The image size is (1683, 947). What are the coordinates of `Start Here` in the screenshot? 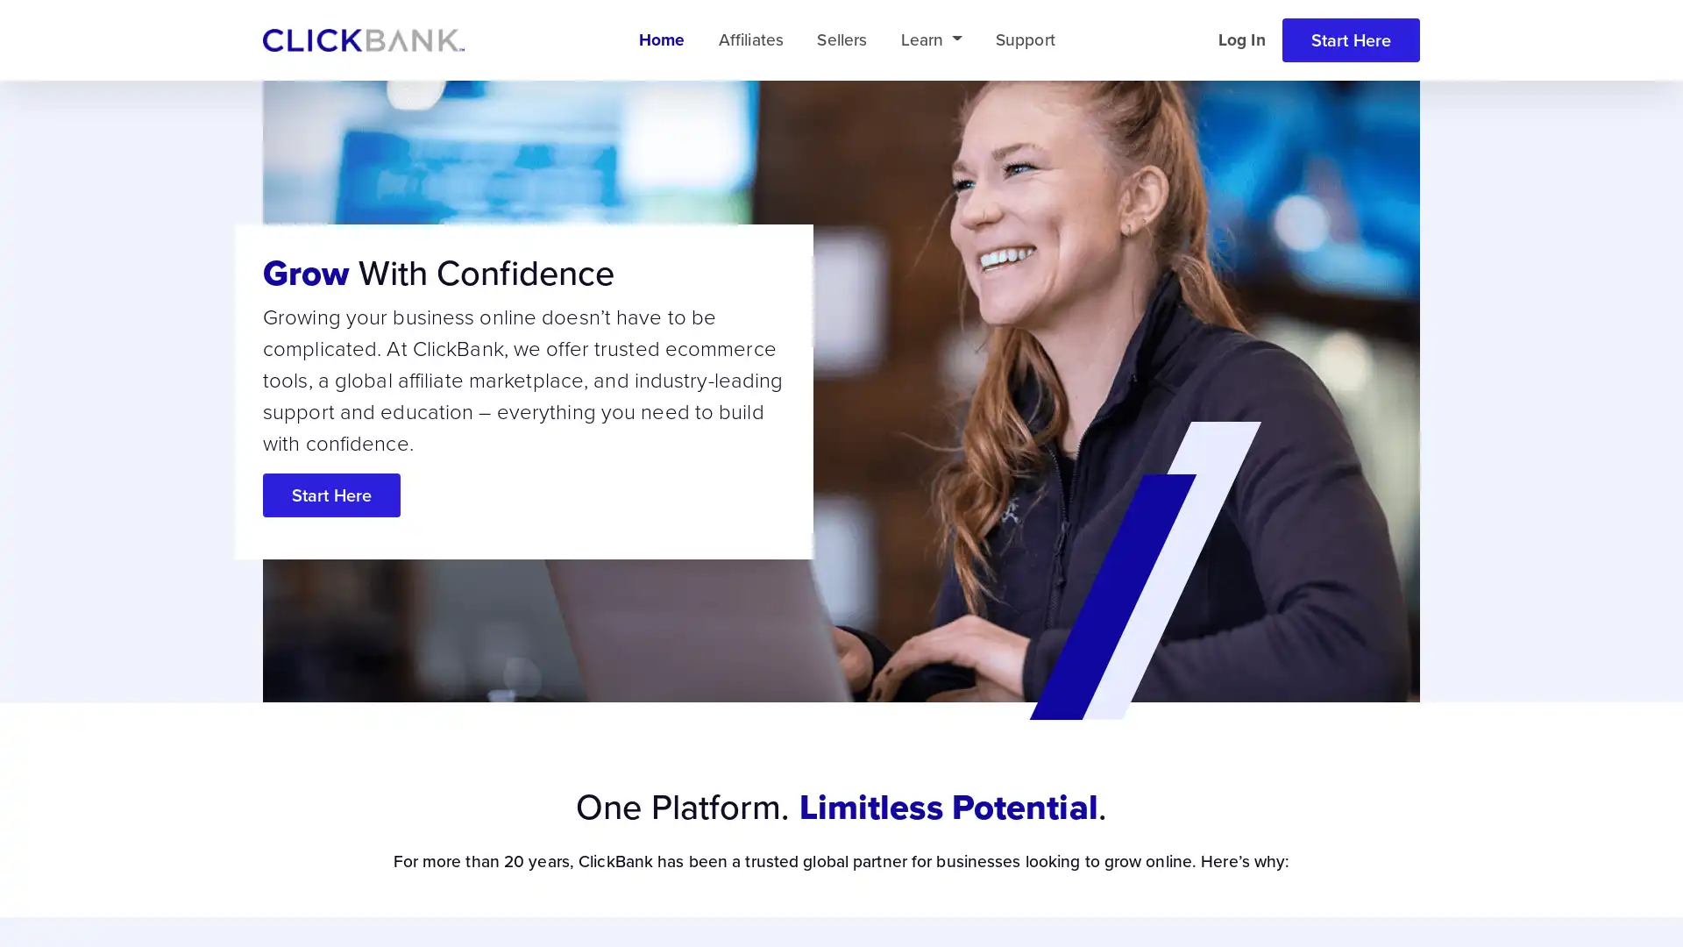 It's located at (1349, 39).